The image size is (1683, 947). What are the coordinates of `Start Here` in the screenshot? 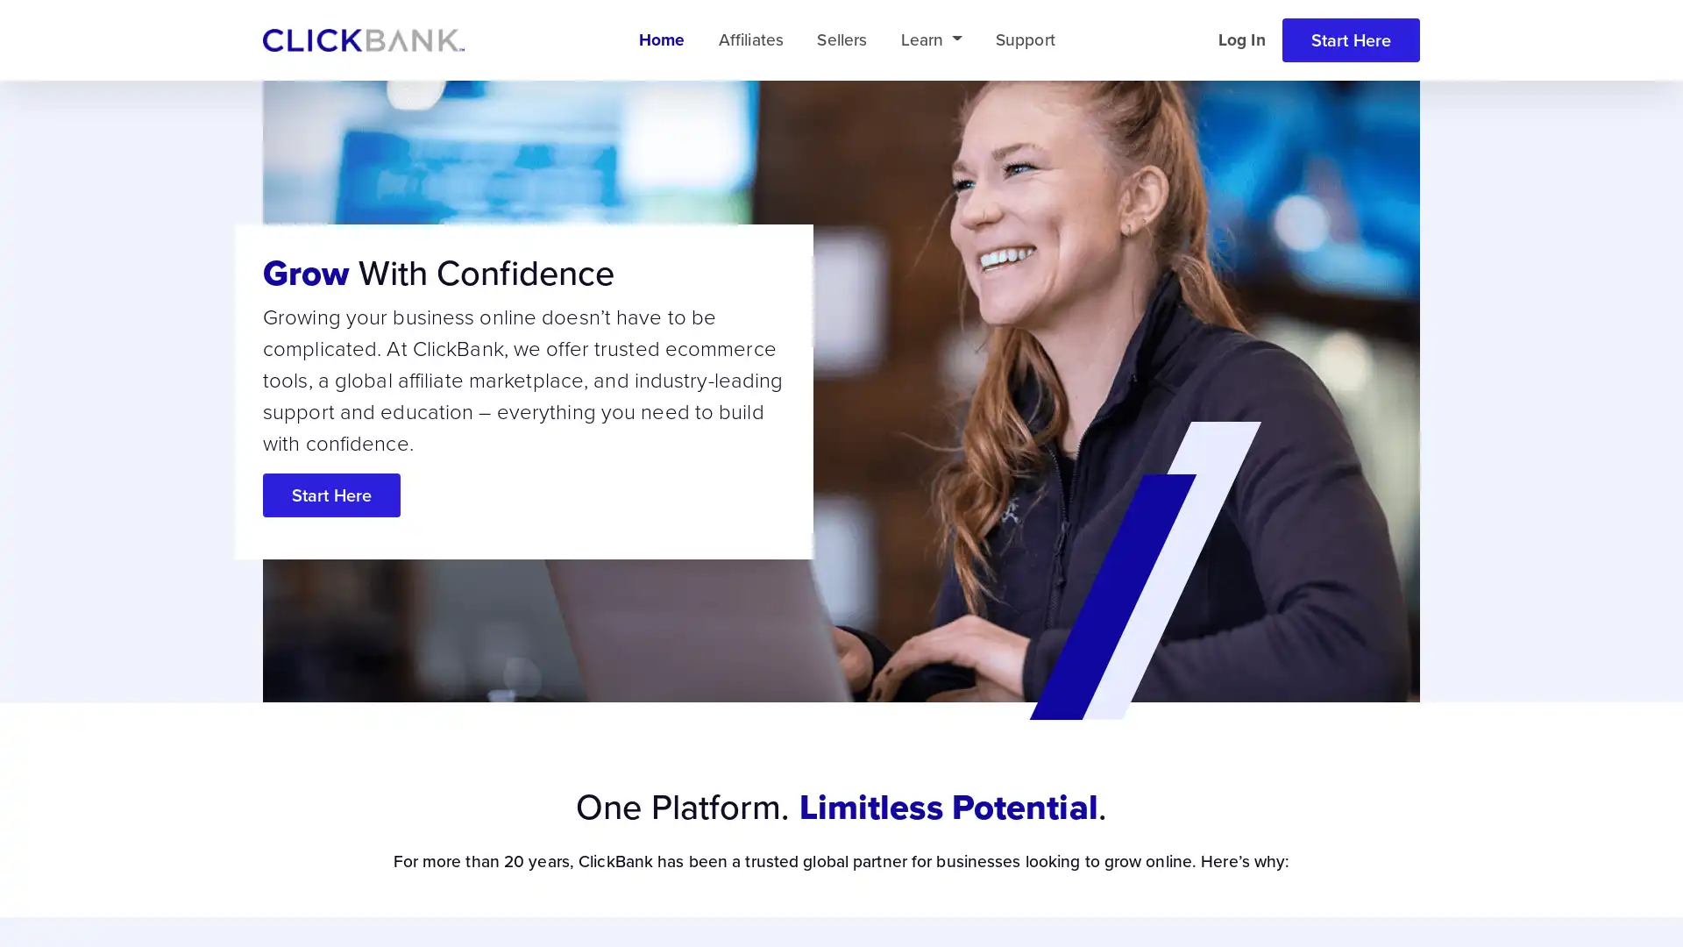 It's located at (1349, 39).